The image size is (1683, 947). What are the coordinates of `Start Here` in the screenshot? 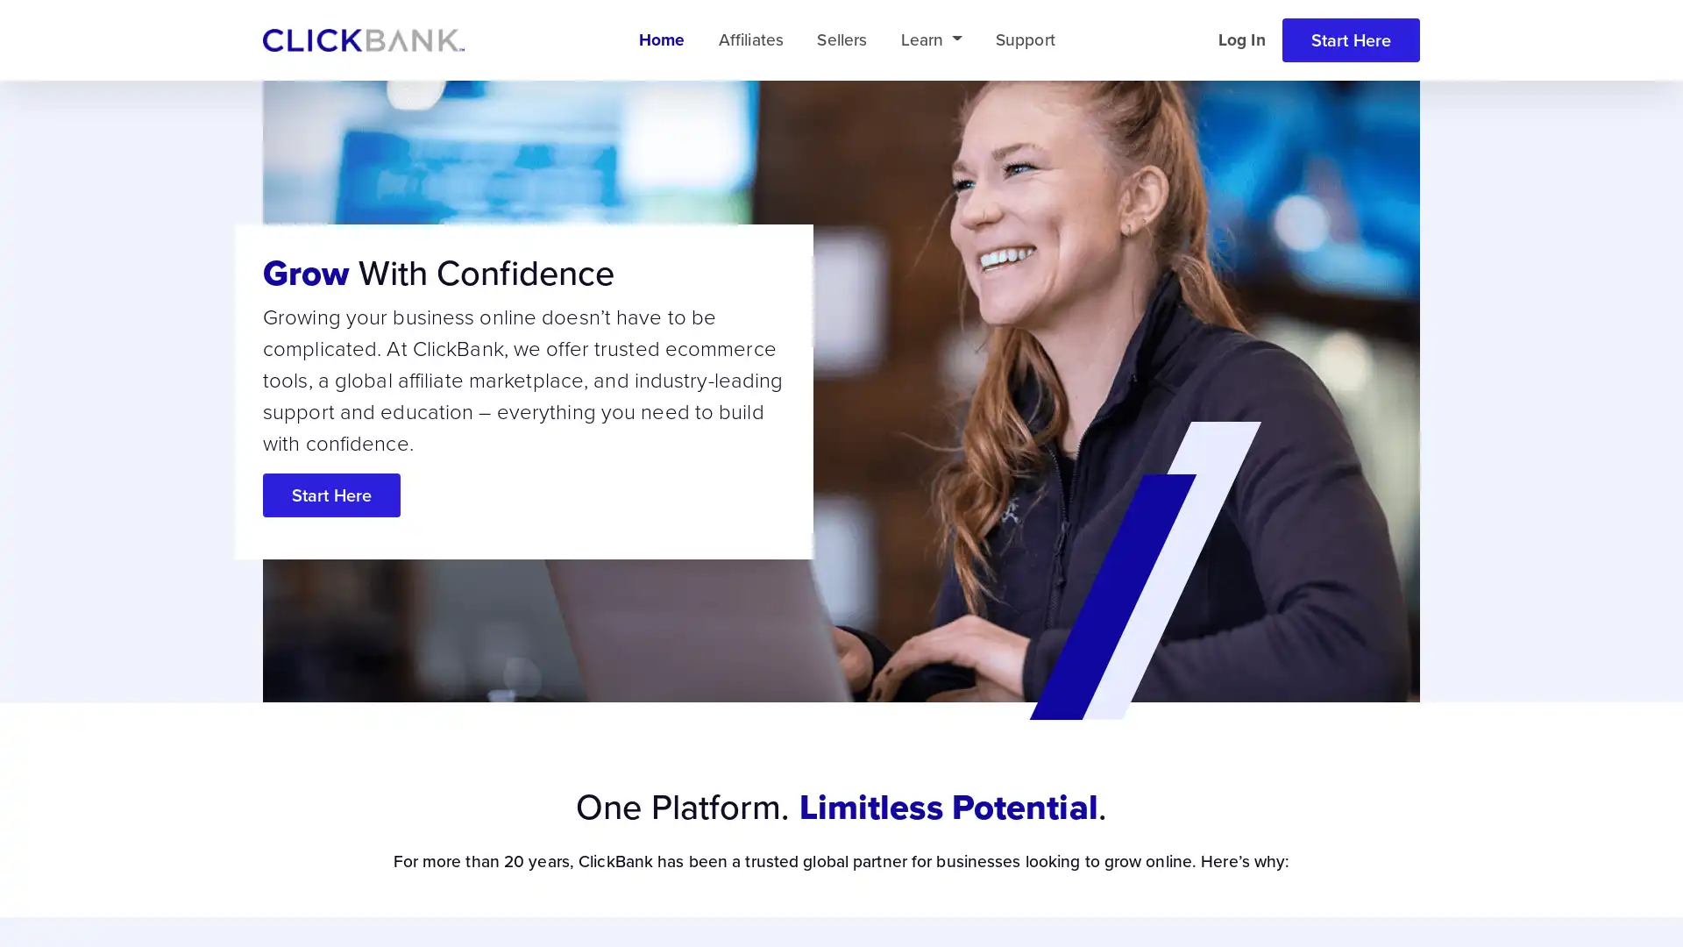 It's located at (1349, 39).